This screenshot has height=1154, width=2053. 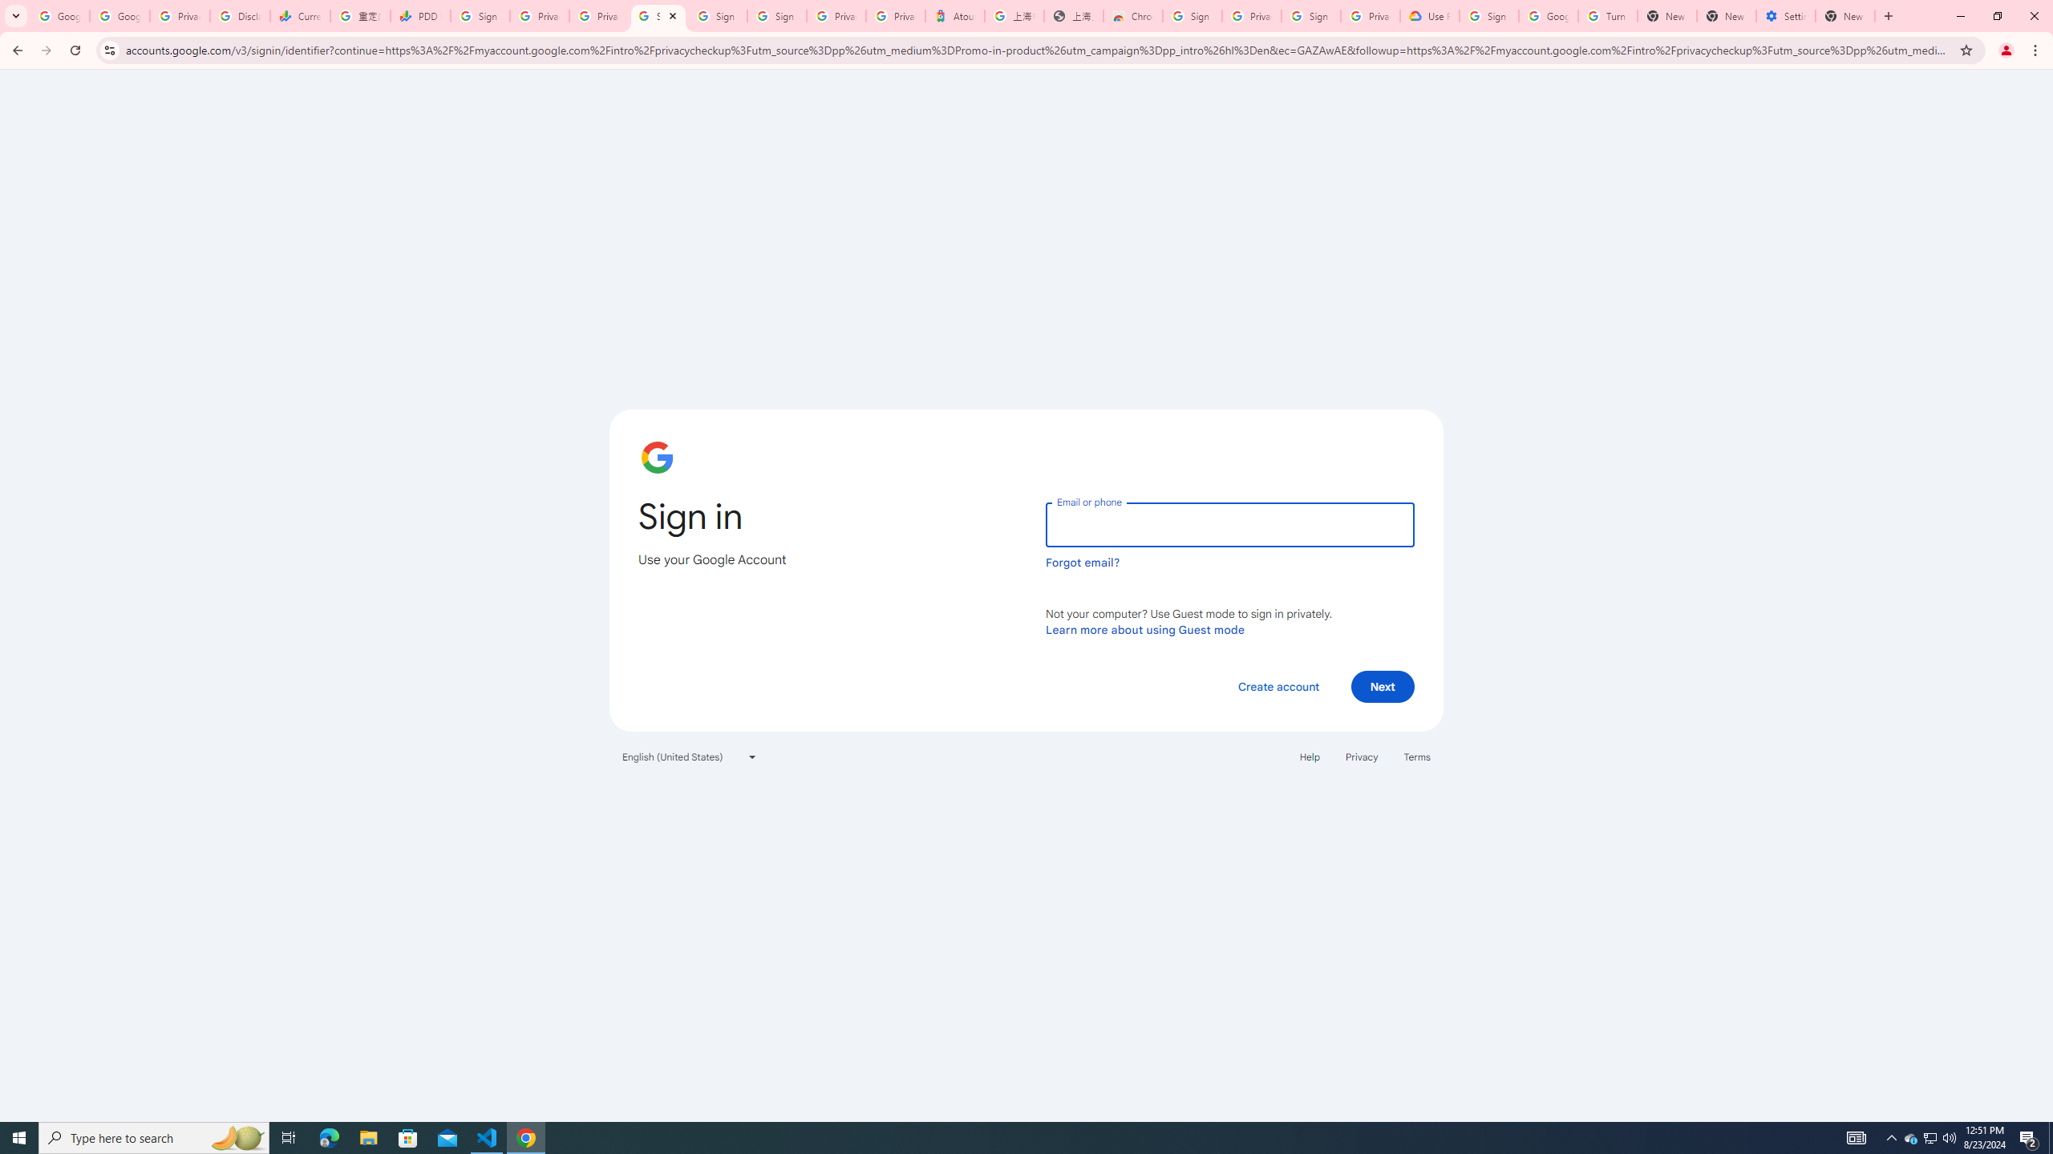 I want to click on 'Currencies - Google Finance', so click(x=298, y=15).